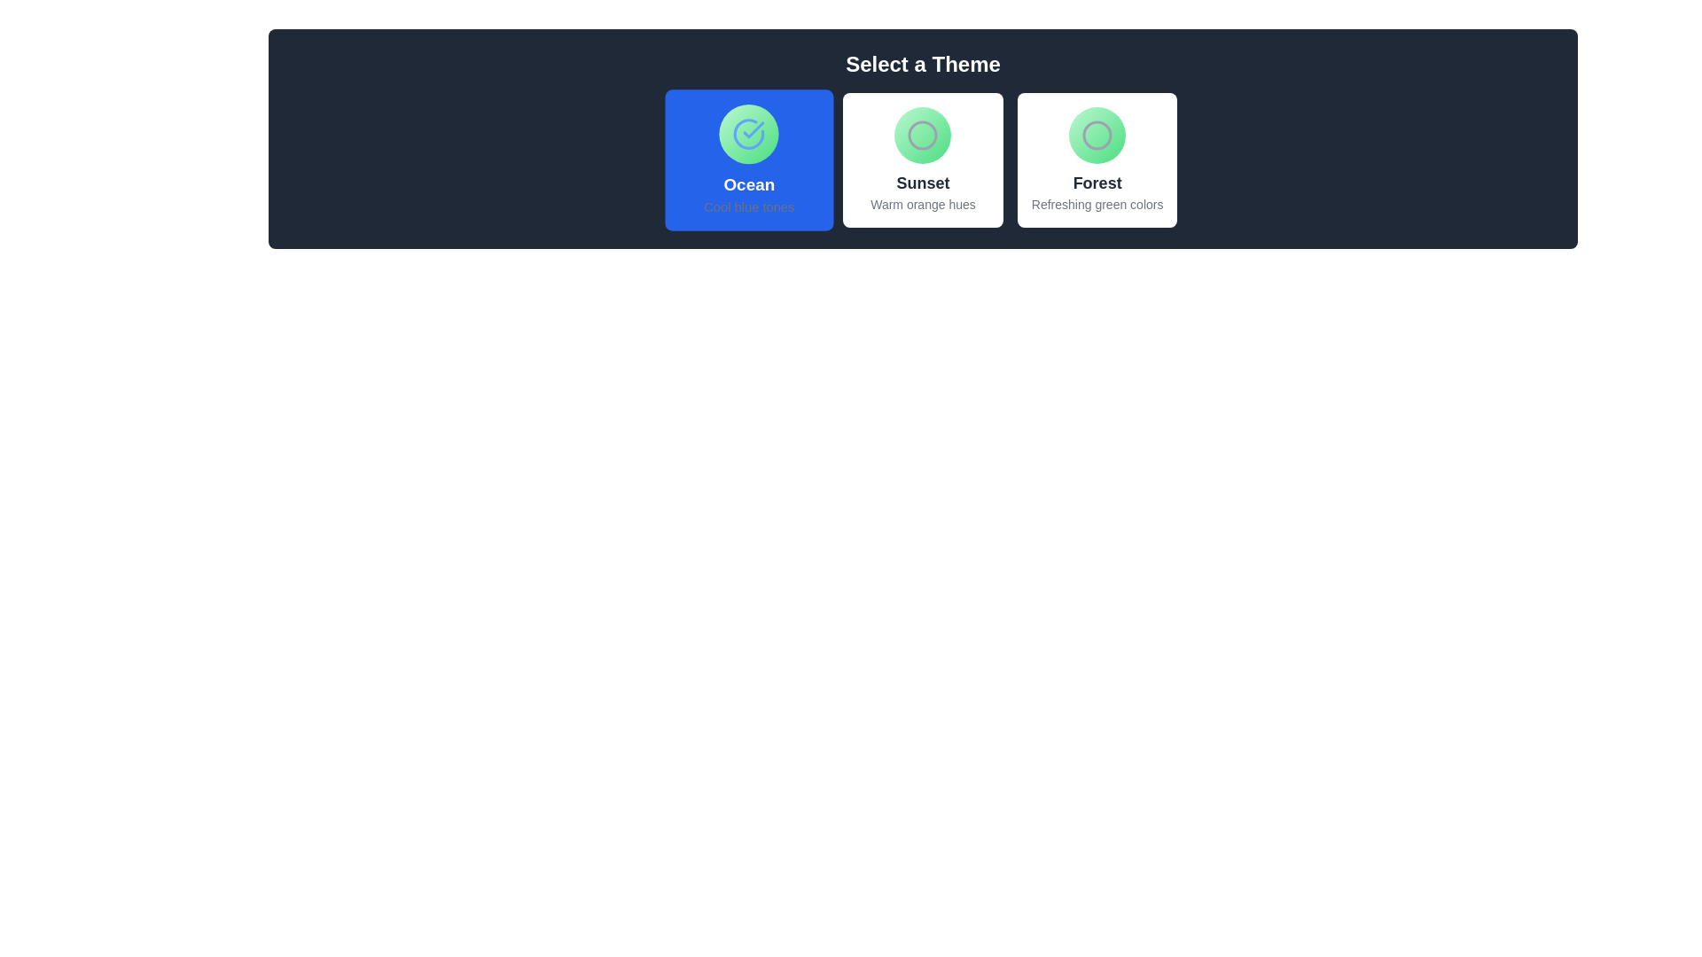  What do you see at coordinates (922, 183) in the screenshot?
I see `text label 'Sunset' which is styled in a larger, bold font and is positioned above the description 'Warm orange hues' within the second theme card` at bounding box center [922, 183].